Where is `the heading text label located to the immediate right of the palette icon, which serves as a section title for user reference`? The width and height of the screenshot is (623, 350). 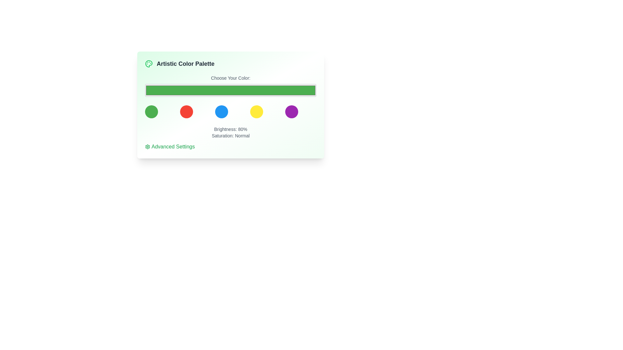
the heading text label located to the immediate right of the palette icon, which serves as a section title for user reference is located at coordinates (185, 64).